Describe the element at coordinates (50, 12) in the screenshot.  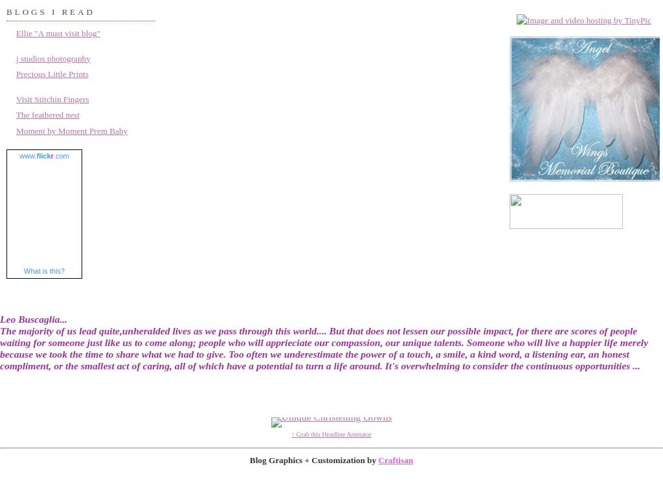
I see `'Blogs I read'` at that location.